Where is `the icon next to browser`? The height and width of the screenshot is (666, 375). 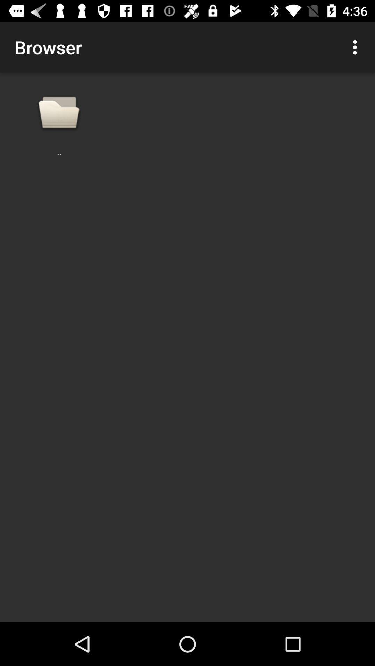
the icon next to browser is located at coordinates (357, 47).